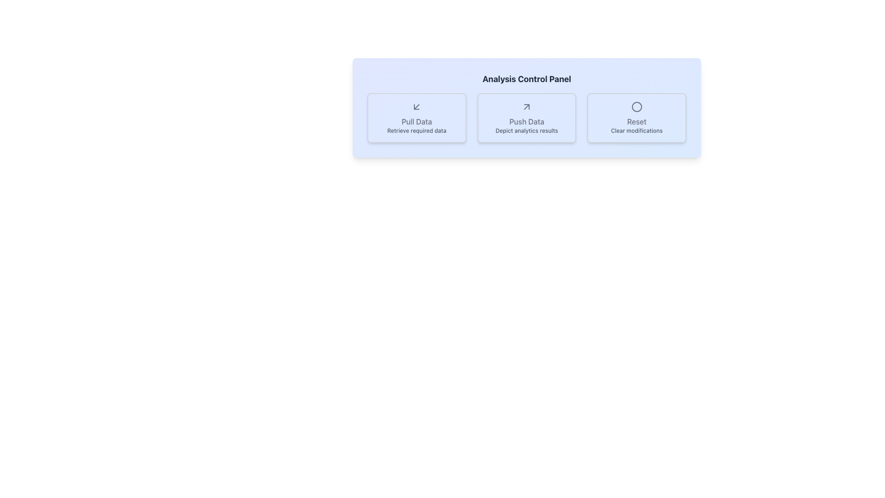  I want to click on the text label that says 'Clear modifications', which is styled in a smaller gray font and located at the bottom of the 'Reset' box, so click(636, 131).